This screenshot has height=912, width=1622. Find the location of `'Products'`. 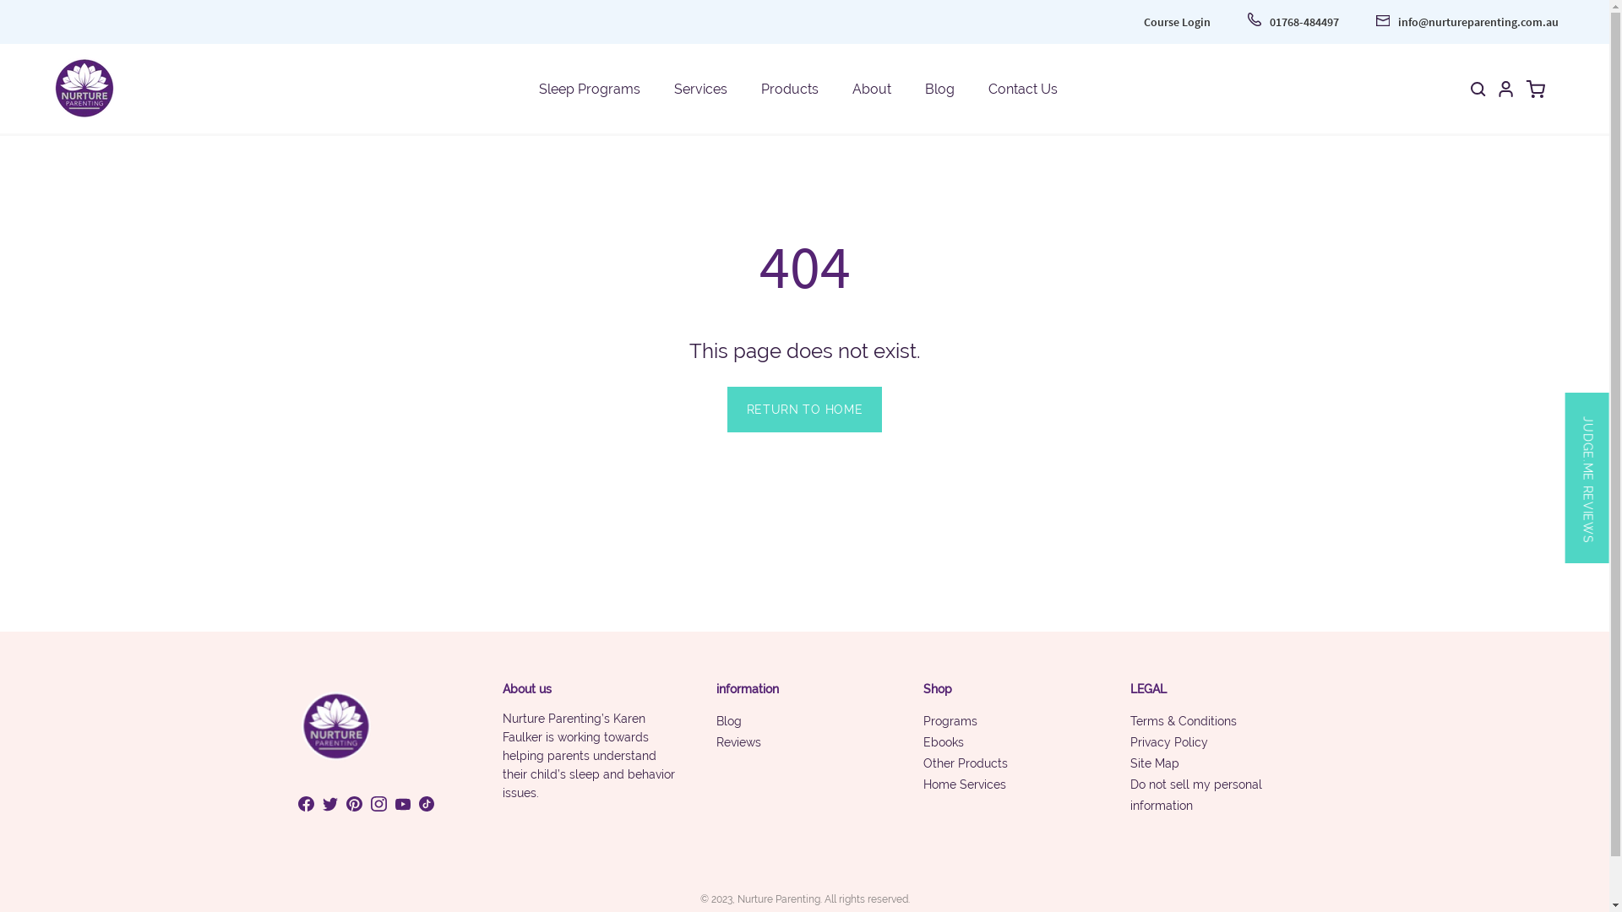

'Products' is located at coordinates (789, 88).